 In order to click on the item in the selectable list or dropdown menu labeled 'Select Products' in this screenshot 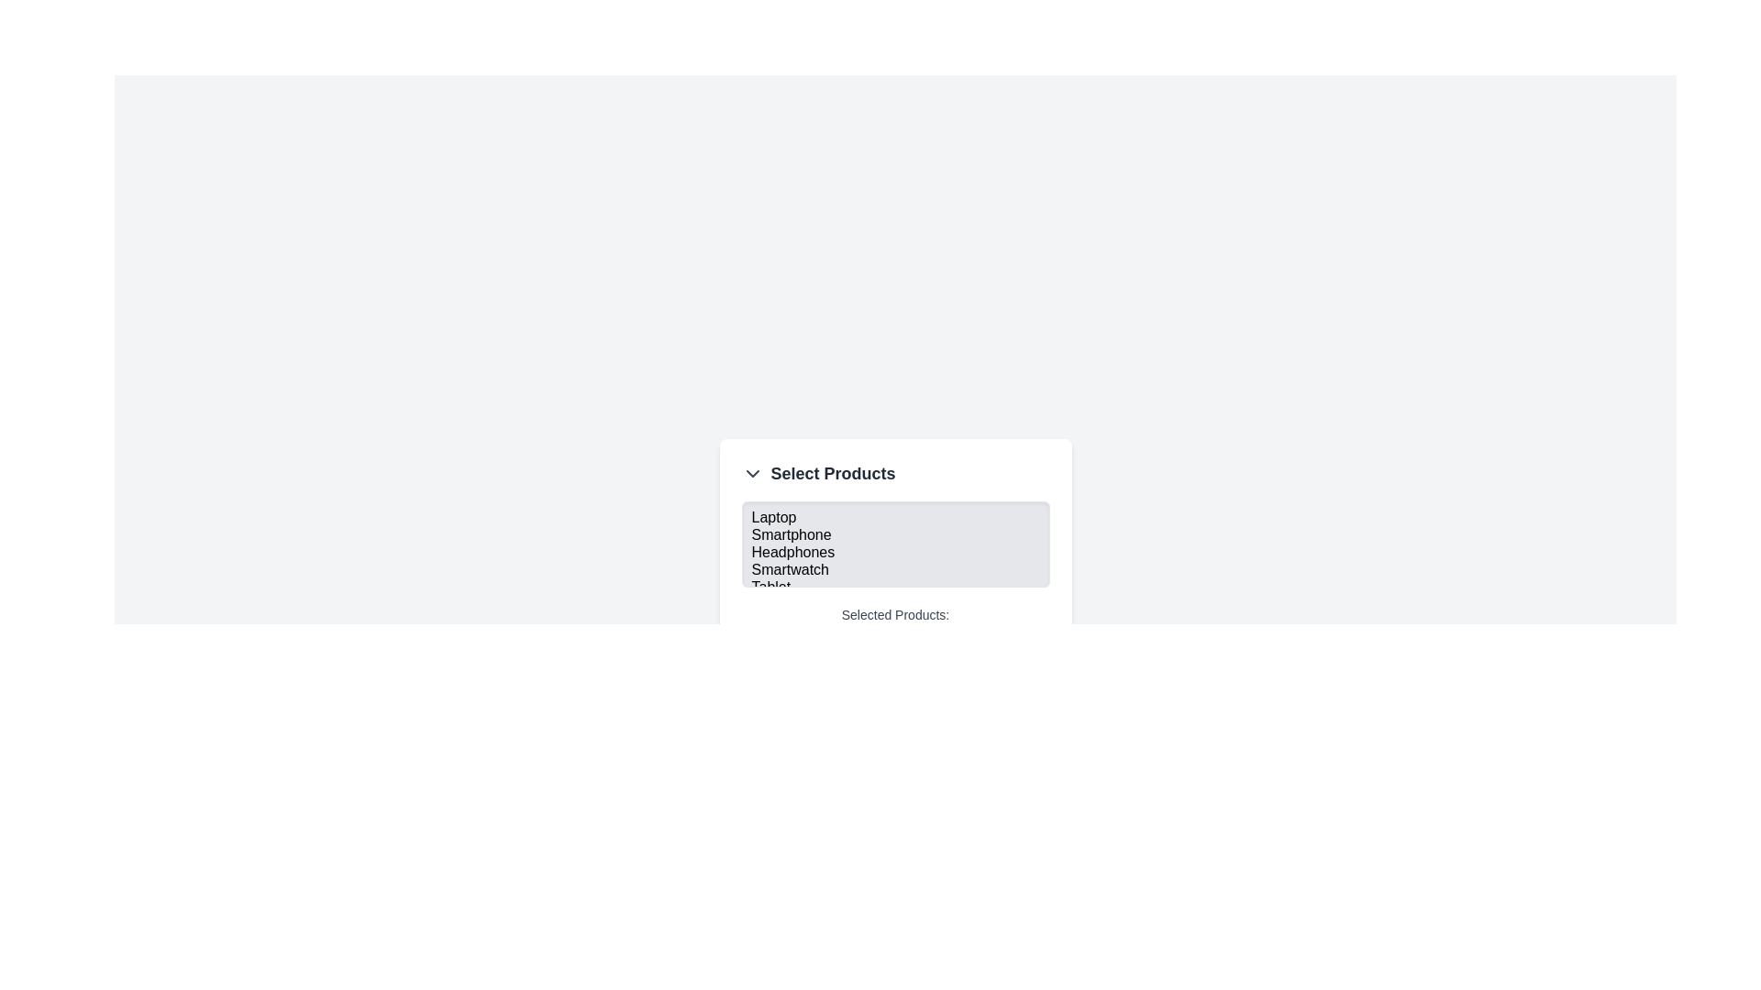, I will do `click(895, 568)`.